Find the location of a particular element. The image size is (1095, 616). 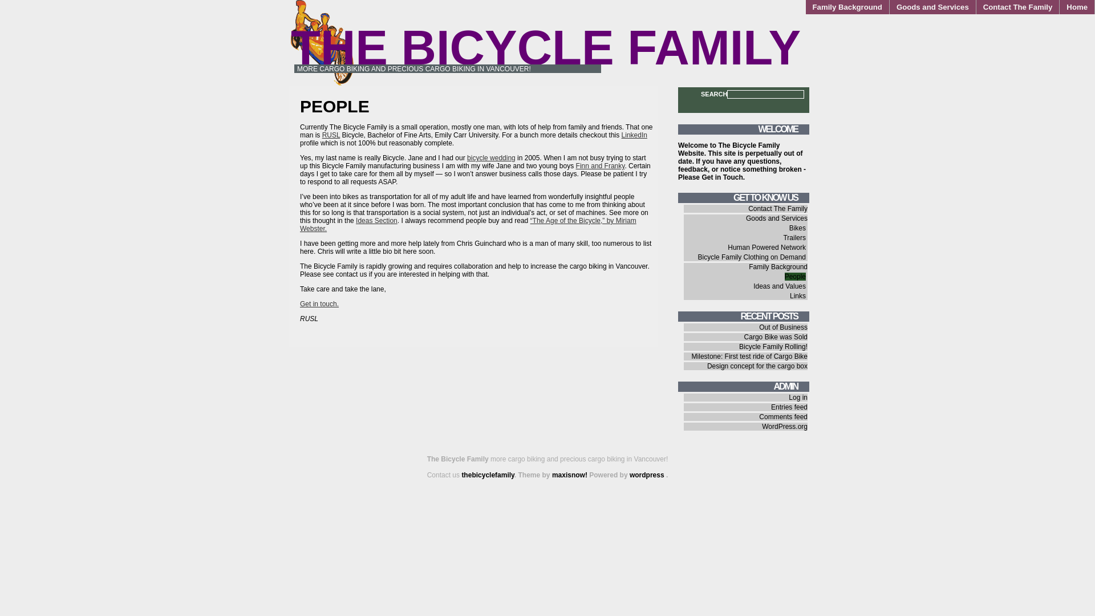

'WordPress.org' is located at coordinates (784, 427).